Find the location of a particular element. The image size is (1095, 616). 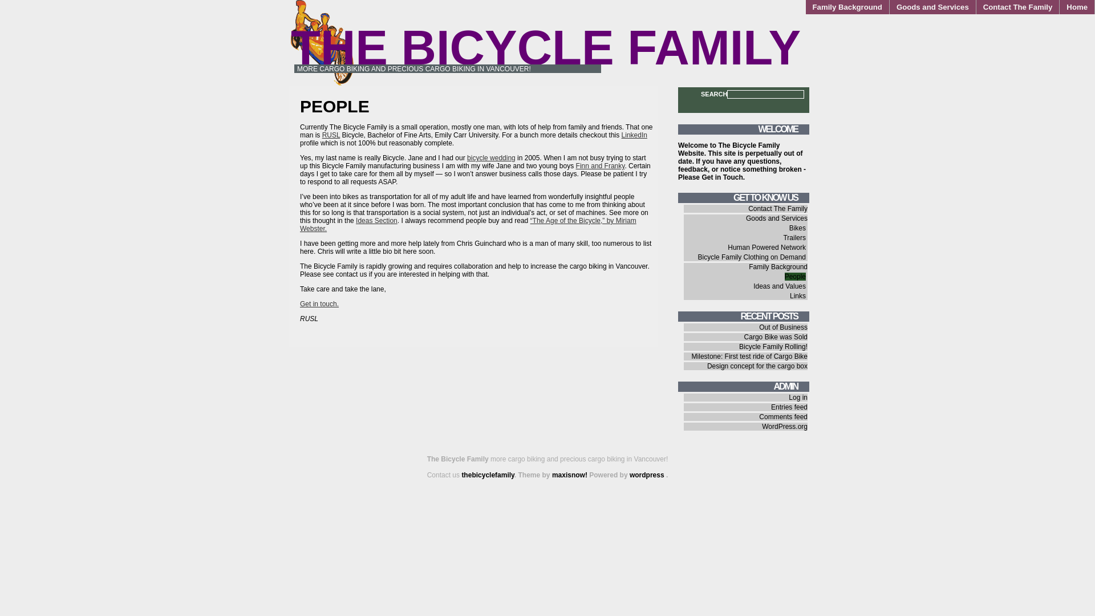

'WordPress.org' is located at coordinates (784, 427).